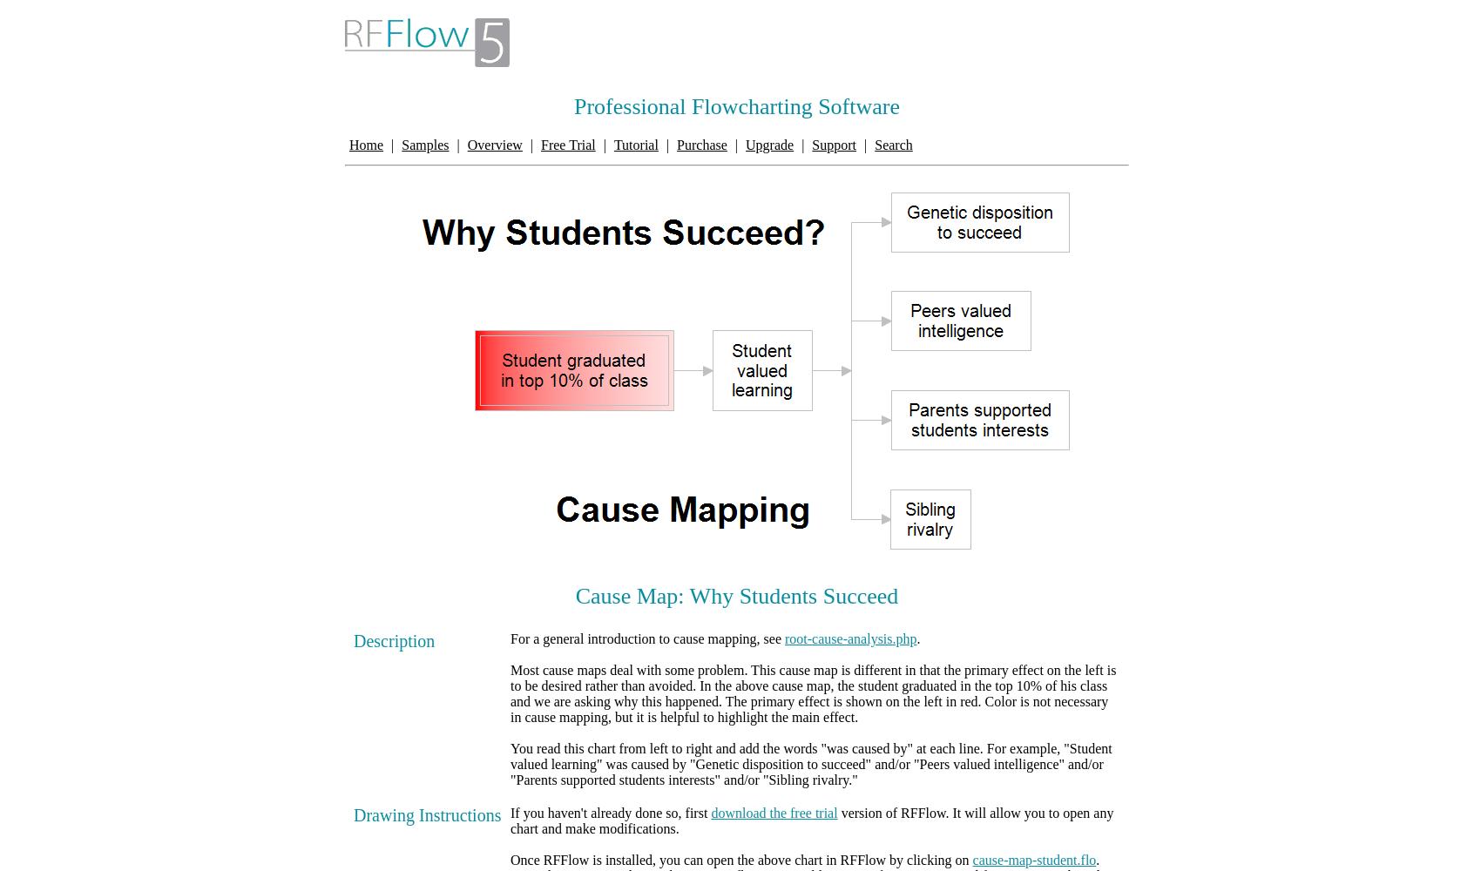 The height and width of the screenshot is (871, 1474). I want to click on 'Professional Flowcharting Software', so click(736, 105).